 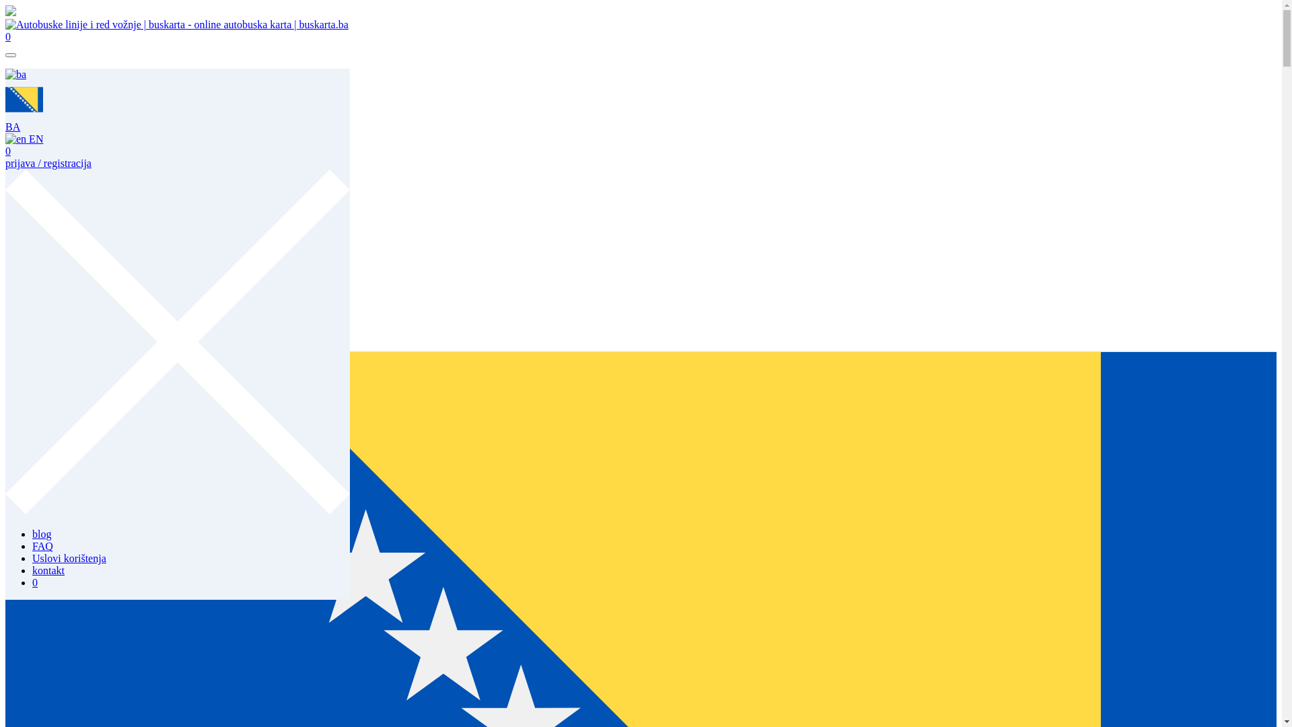 I want to click on 'ba', so click(x=5, y=98).